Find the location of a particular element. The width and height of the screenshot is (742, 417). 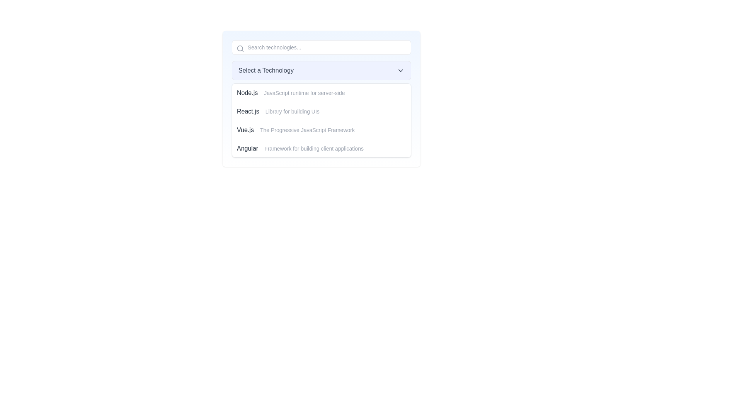

the list item displaying 'Angular' is located at coordinates (321, 149).